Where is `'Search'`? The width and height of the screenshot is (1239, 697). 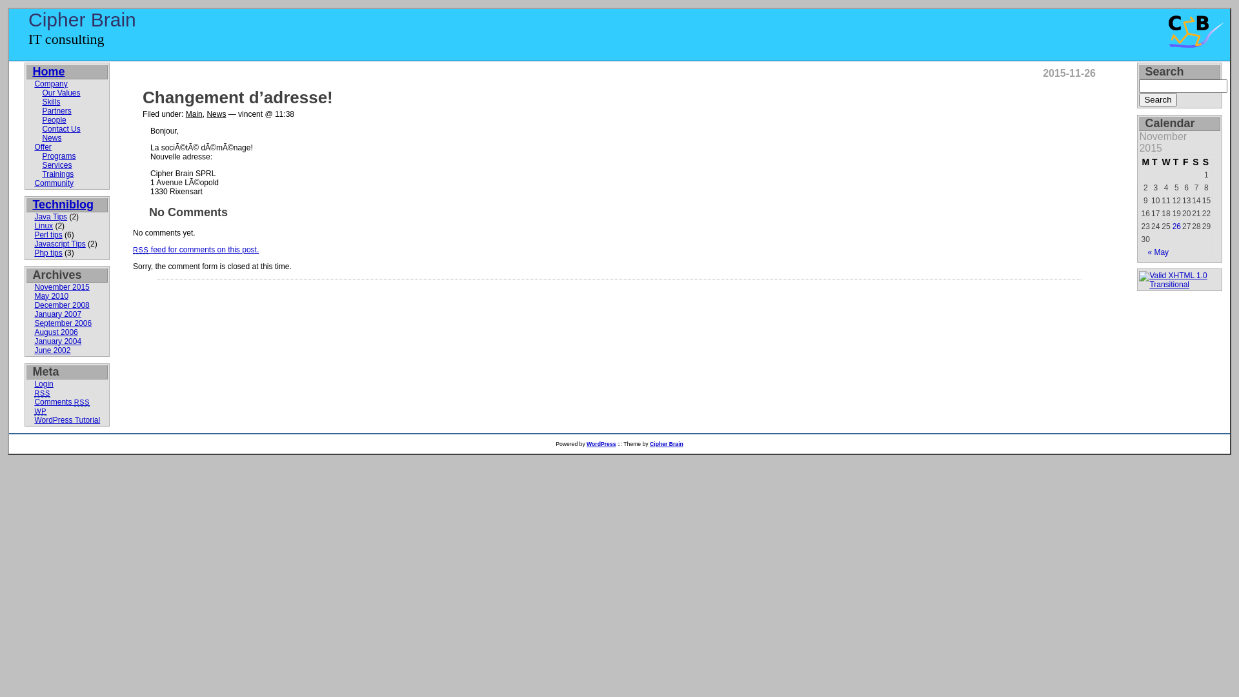 'Search' is located at coordinates (1158, 99).